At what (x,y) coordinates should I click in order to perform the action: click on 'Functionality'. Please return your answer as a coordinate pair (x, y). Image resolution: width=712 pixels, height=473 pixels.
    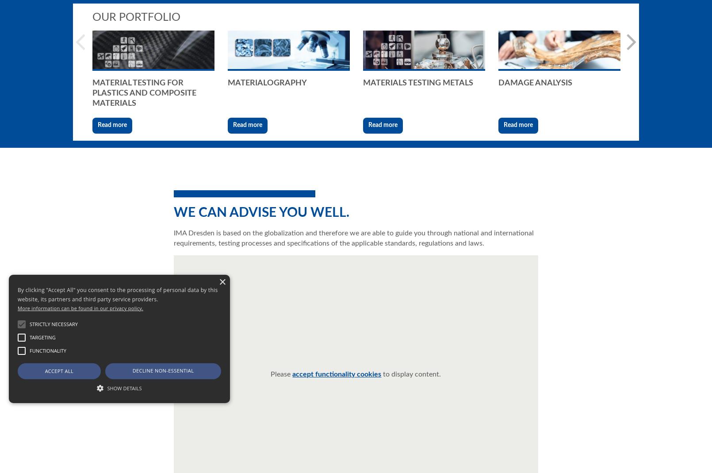
    Looking at the image, I should click on (47, 350).